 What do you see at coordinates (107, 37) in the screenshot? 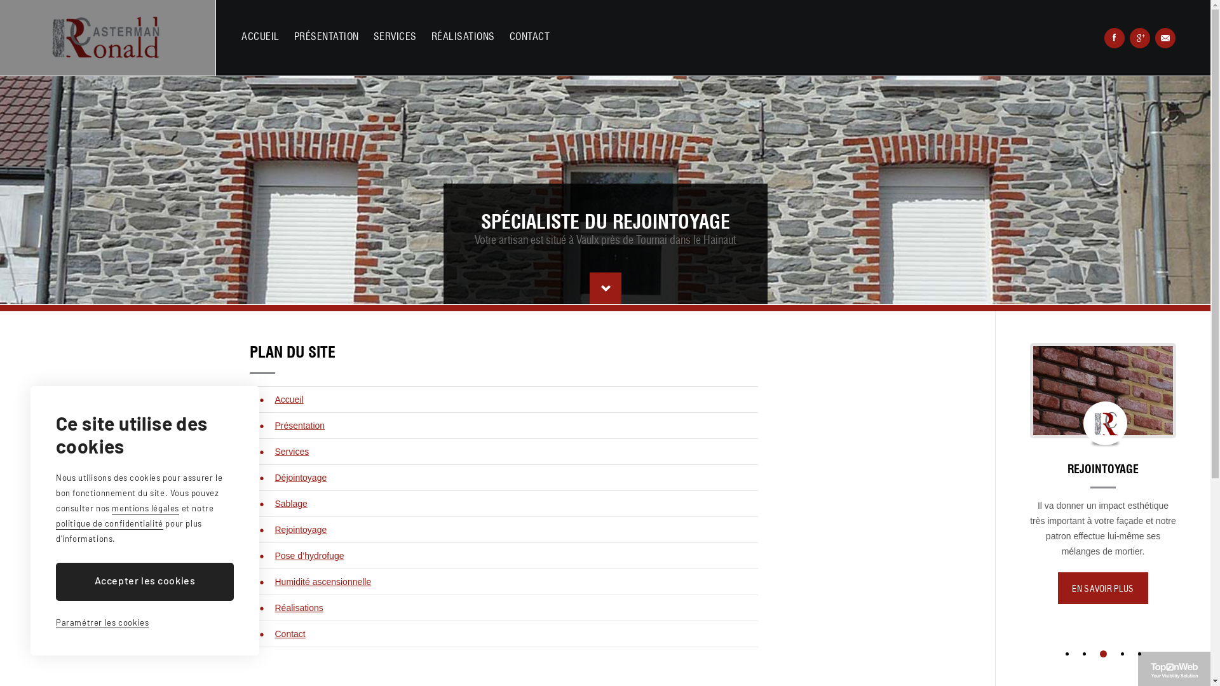
I see `'Casterman Ronald'` at bounding box center [107, 37].